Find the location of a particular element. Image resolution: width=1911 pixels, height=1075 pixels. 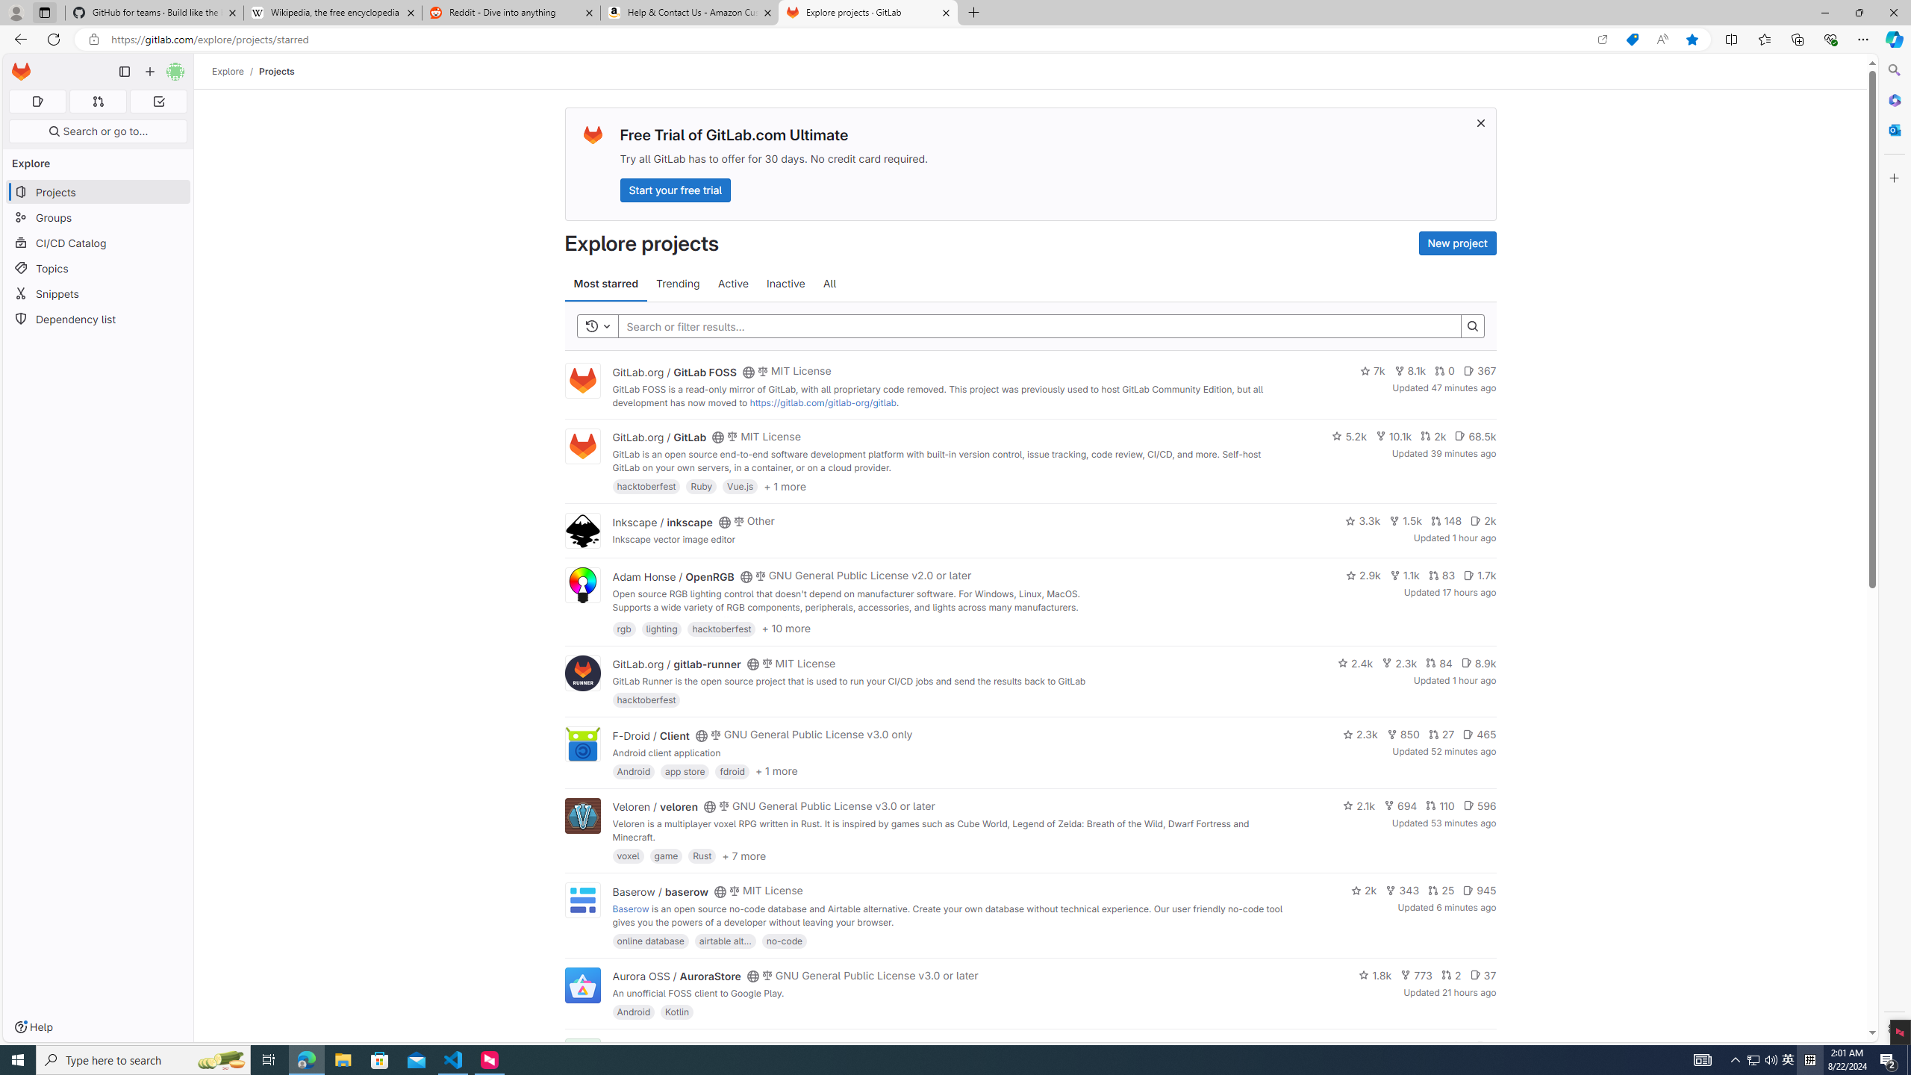

'F-Droid / Client' is located at coordinates (650, 735).